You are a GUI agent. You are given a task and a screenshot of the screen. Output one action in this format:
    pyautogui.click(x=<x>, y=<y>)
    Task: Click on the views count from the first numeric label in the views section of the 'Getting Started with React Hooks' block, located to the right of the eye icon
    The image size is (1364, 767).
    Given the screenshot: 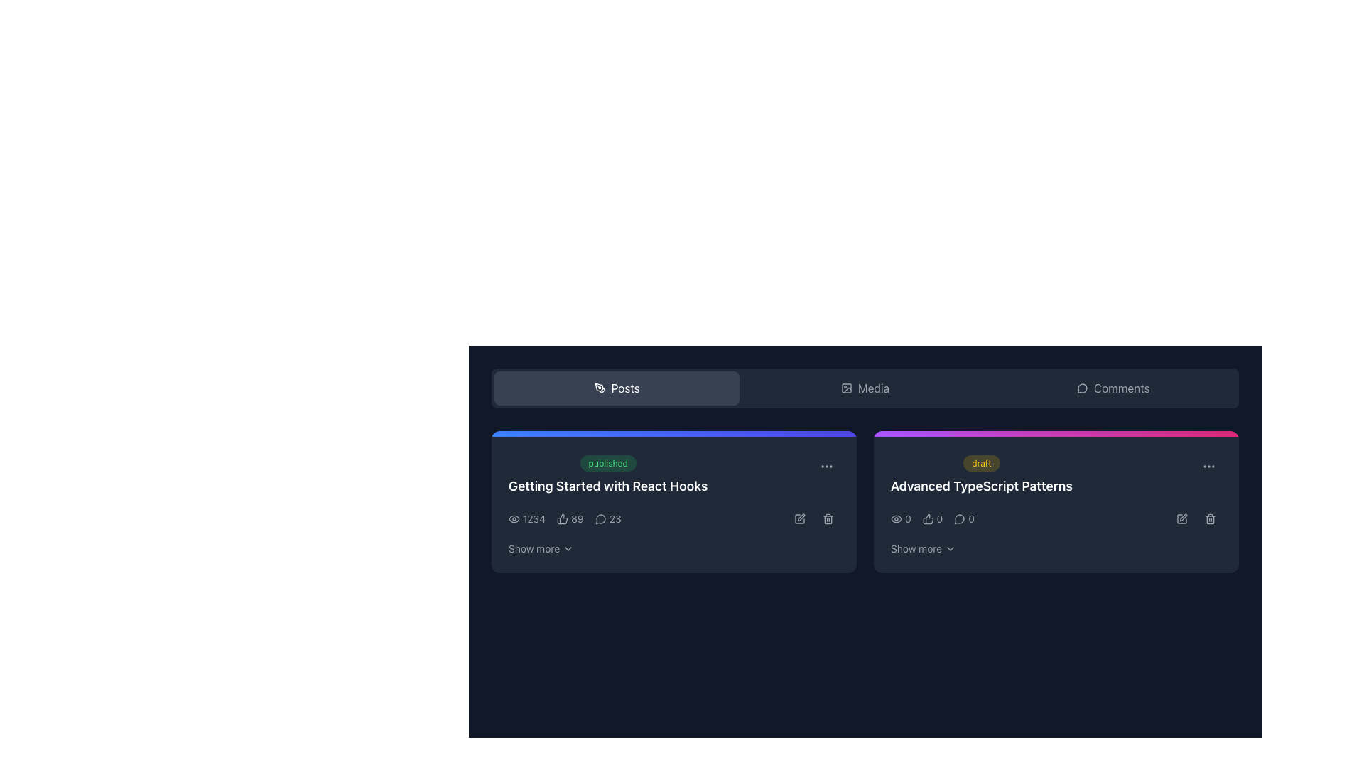 What is the action you would take?
    pyautogui.click(x=526, y=519)
    